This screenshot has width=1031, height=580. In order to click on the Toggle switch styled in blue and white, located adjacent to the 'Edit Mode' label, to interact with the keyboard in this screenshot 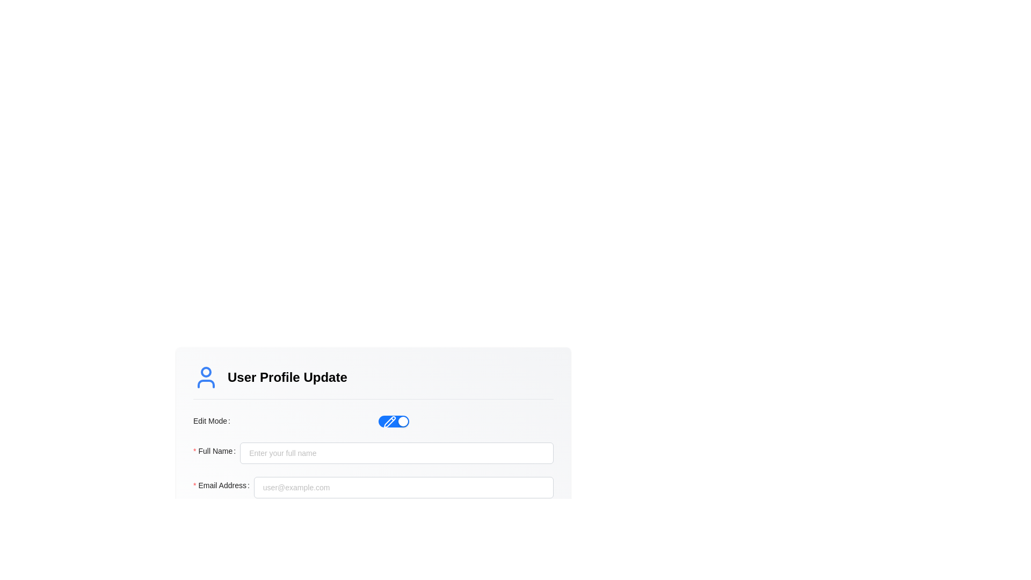, I will do `click(373, 416)`.